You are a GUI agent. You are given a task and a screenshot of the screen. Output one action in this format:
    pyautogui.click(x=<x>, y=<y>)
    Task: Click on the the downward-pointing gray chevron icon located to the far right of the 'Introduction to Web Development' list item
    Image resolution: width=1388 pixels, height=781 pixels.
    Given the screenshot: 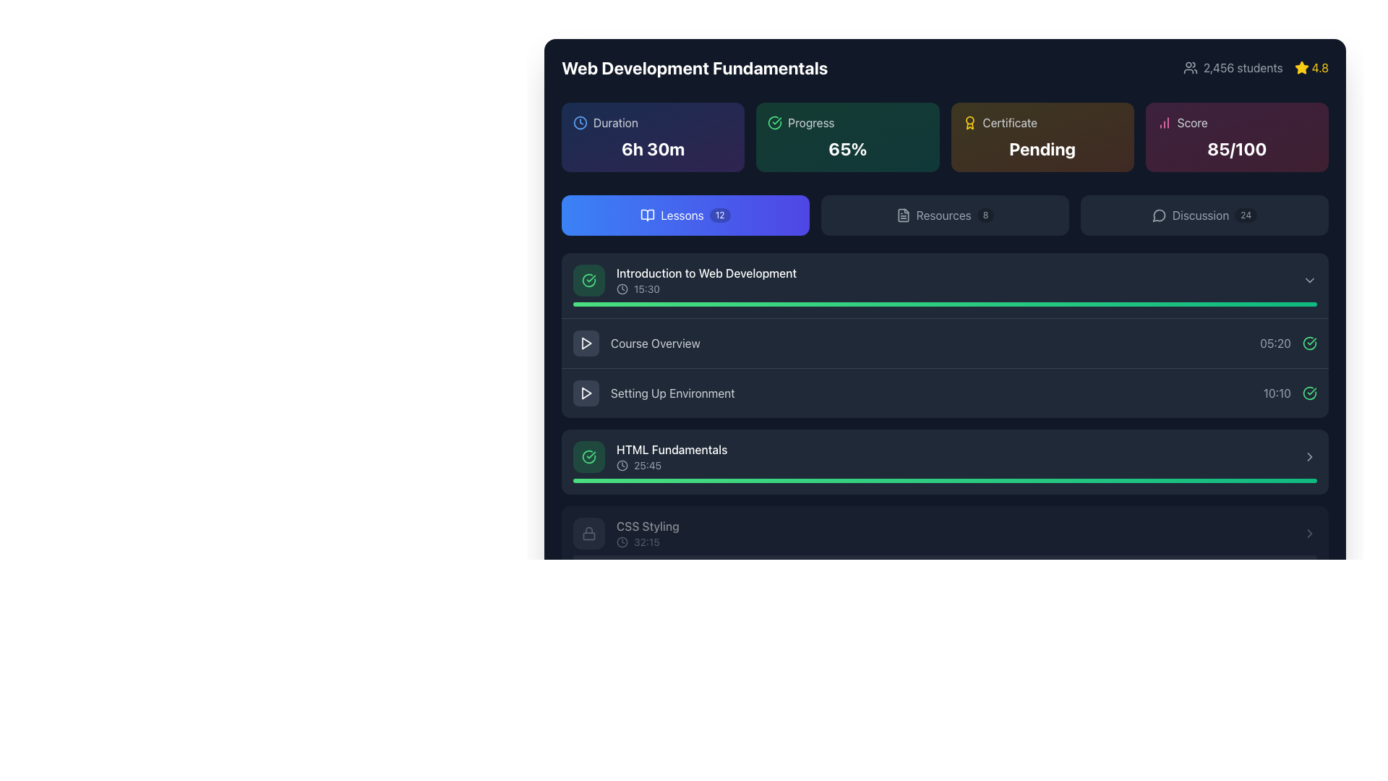 What is the action you would take?
    pyautogui.click(x=1309, y=281)
    